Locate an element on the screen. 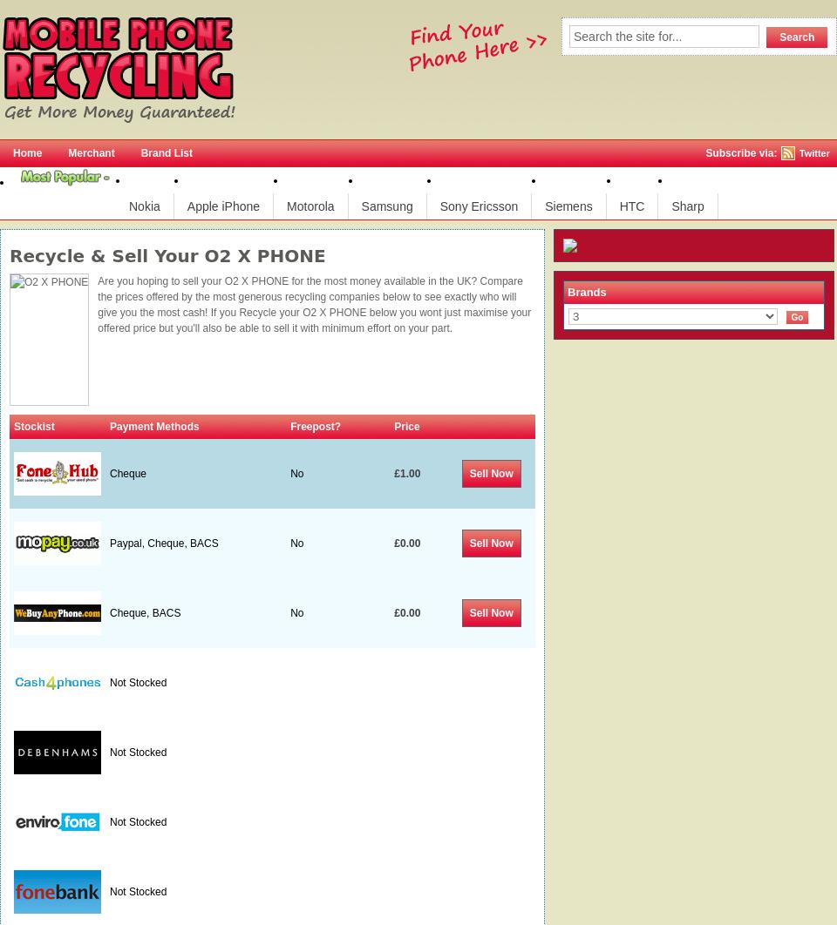 Image resolution: width=837 pixels, height=925 pixels. 'Cheque' is located at coordinates (109, 473).